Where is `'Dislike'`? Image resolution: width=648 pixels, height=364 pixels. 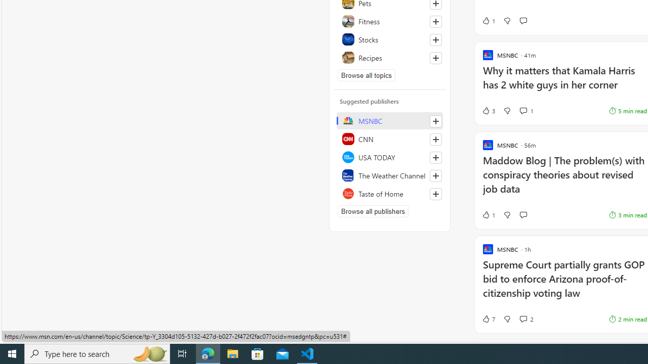 'Dislike' is located at coordinates (507, 319).